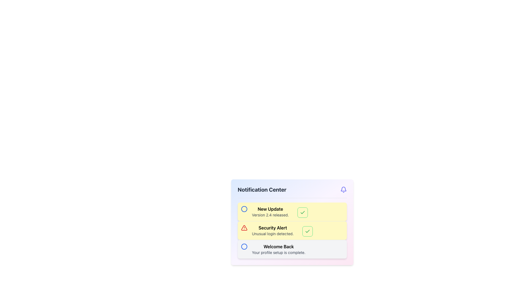 This screenshot has width=524, height=294. Describe the element at coordinates (244, 247) in the screenshot. I see `the Circle graphical element located in the notification box, next to the text 'Welcome Back.'` at that location.